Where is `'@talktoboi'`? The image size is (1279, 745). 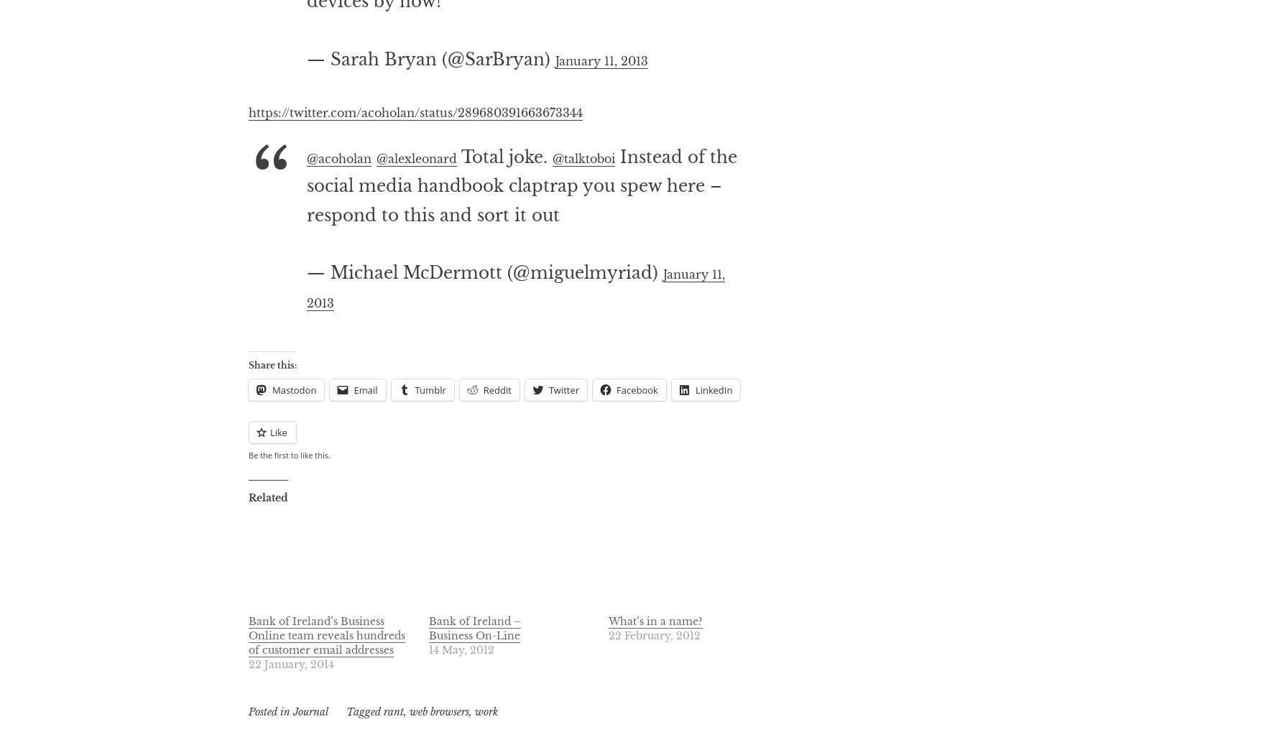 '@talktoboi' is located at coordinates (617, 213).